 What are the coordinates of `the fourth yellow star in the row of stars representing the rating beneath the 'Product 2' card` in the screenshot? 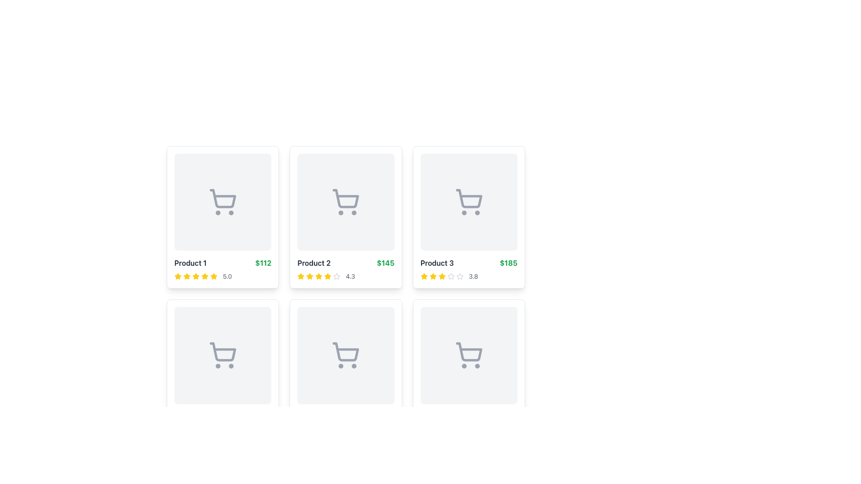 It's located at (319, 276).